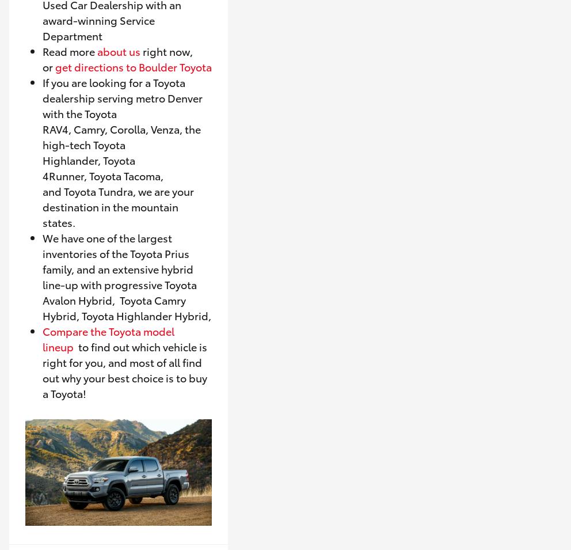  I want to click on 'Toyota 4Runner,', so click(89, 167).